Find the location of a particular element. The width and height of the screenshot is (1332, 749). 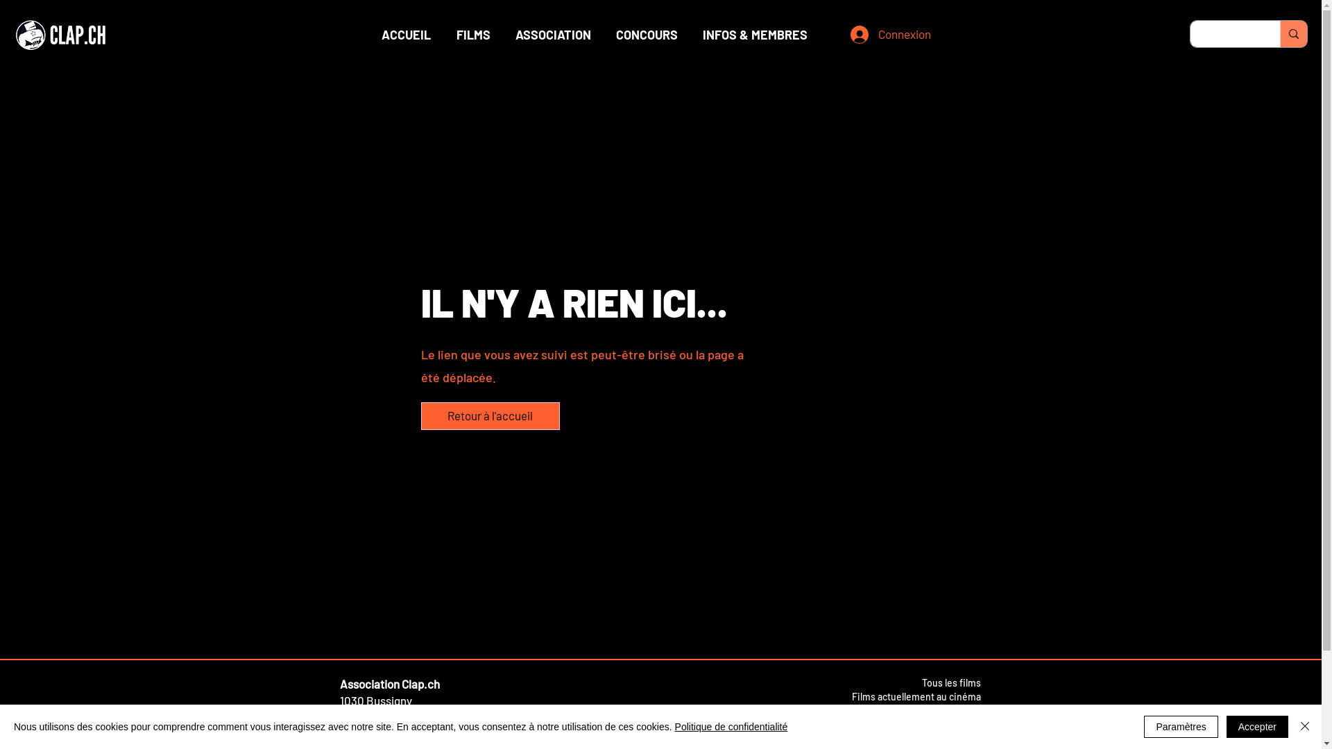

'Accepter' is located at coordinates (1257, 726).